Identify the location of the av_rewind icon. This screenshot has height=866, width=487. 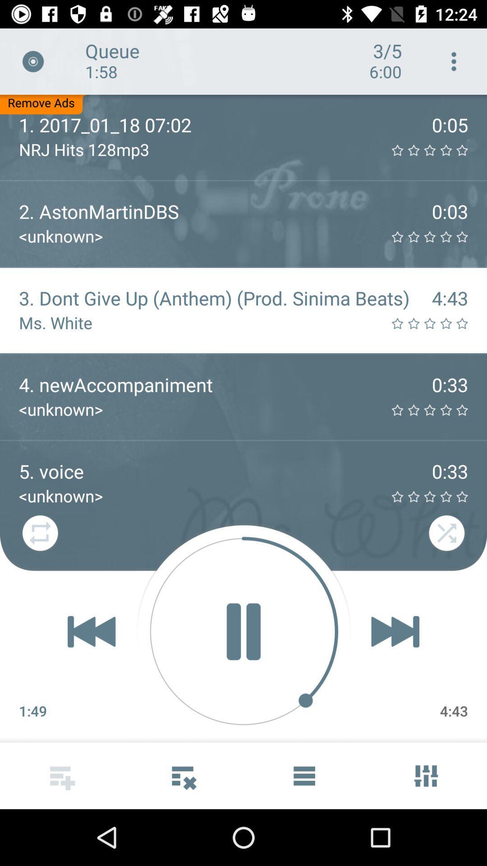
(92, 631).